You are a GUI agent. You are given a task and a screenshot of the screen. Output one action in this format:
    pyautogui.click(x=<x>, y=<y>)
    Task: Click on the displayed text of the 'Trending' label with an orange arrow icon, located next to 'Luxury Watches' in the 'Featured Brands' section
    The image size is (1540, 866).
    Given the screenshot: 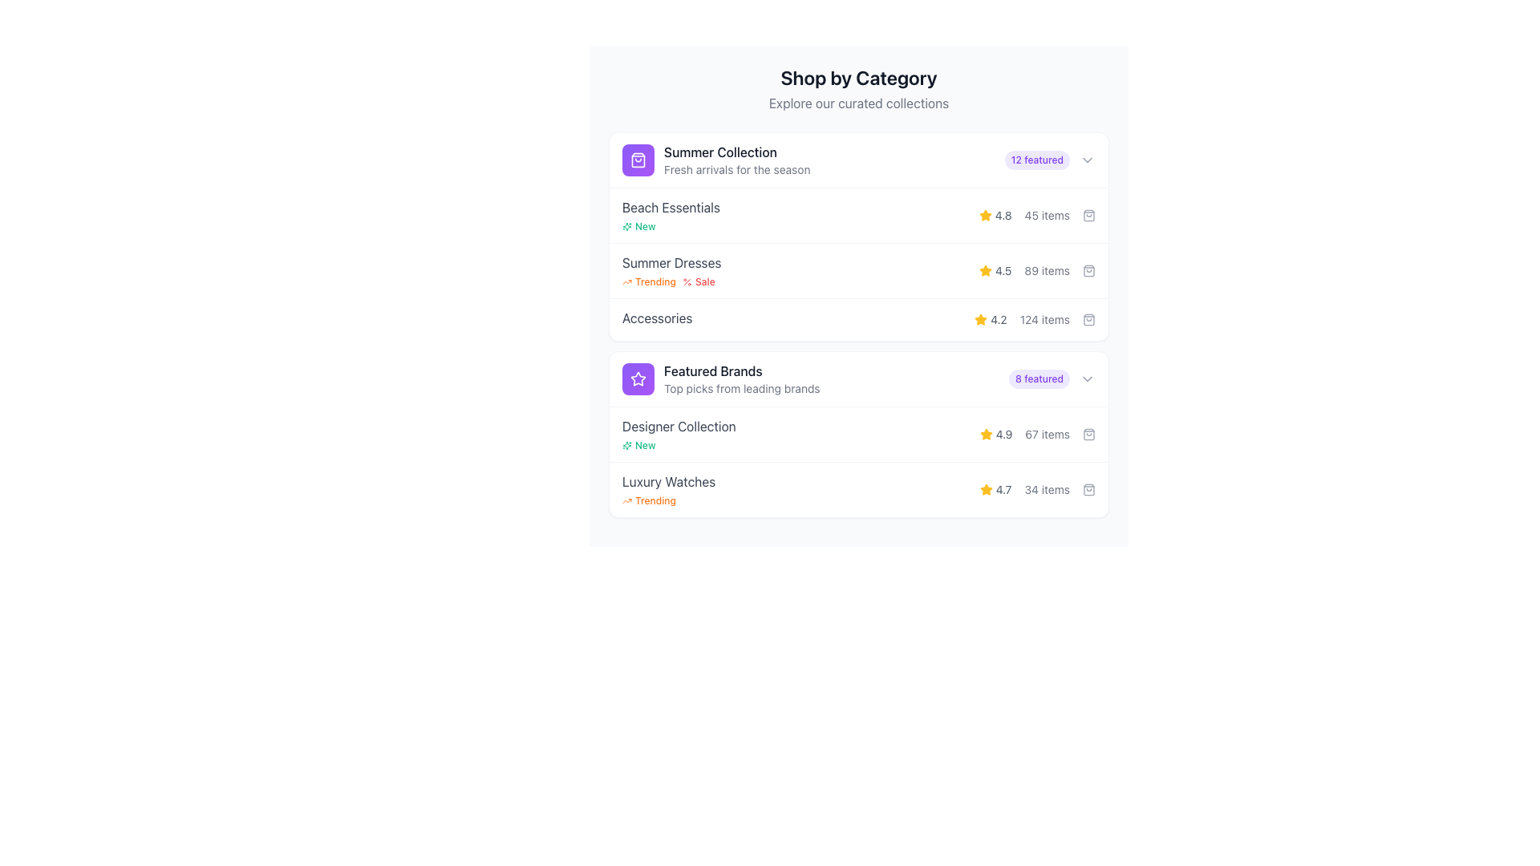 What is the action you would take?
    pyautogui.click(x=649, y=500)
    